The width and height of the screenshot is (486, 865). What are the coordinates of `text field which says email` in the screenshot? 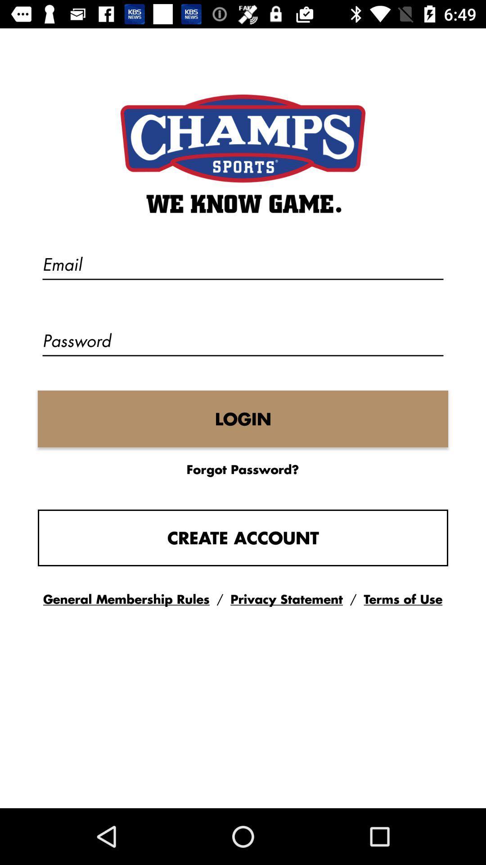 It's located at (243, 266).